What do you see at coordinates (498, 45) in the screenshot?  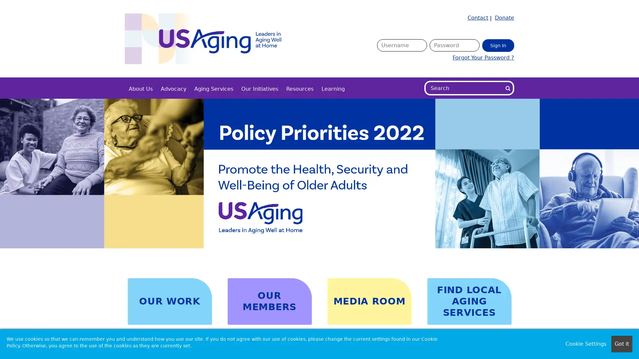 I see `Sign In` at bounding box center [498, 45].